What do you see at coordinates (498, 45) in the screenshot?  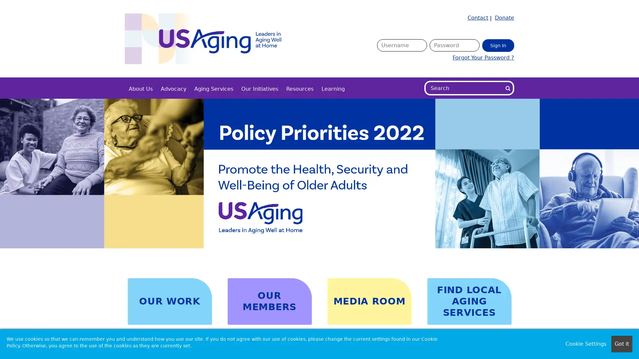 I see `Sign In` at bounding box center [498, 45].